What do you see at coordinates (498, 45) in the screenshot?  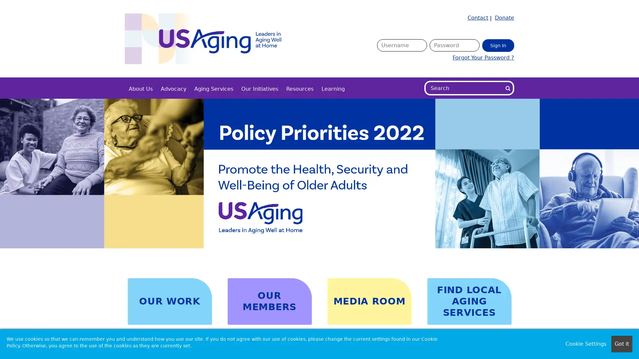 I see `Sign In` at bounding box center [498, 45].